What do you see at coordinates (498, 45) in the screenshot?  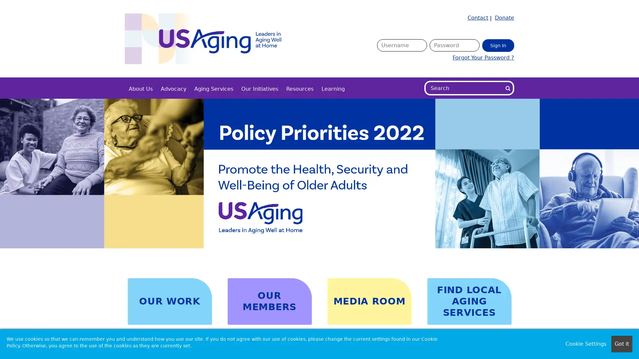 I see `Sign In` at bounding box center [498, 45].